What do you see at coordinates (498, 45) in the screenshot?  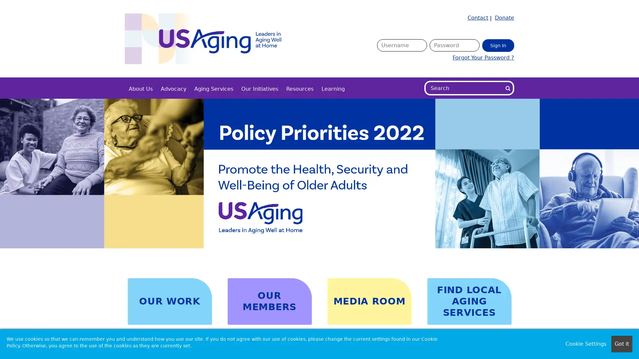 I see `Sign In` at bounding box center [498, 45].